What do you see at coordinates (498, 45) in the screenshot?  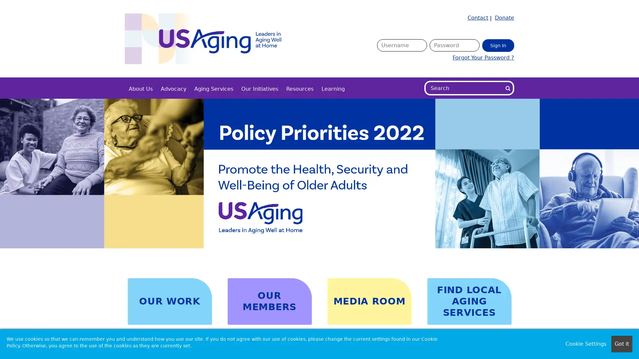 I see `Sign In` at bounding box center [498, 45].